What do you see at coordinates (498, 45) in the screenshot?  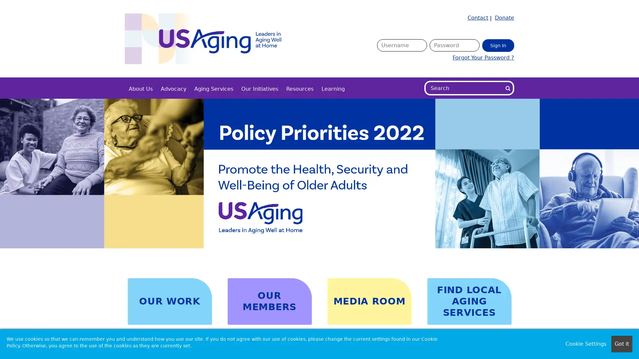 I see `Sign In` at bounding box center [498, 45].